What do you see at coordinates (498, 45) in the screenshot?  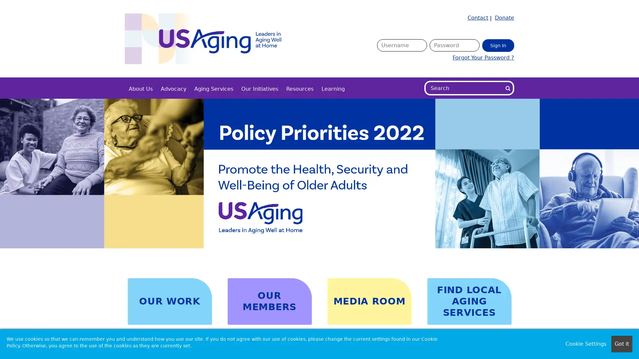 I see `Sign In` at bounding box center [498, 45].